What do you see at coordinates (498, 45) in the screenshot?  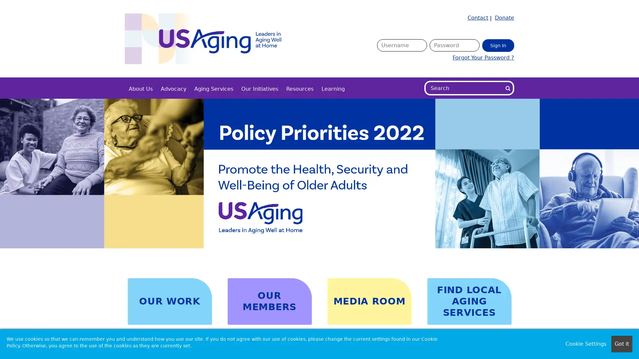 I see `Sign In` at bounding box center [498, 45].